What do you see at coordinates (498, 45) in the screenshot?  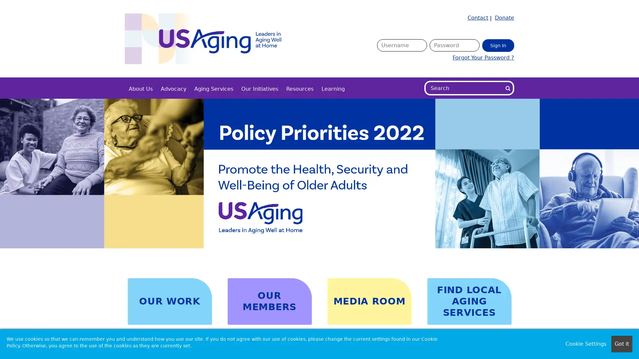 I see `Sign In` at bounding box center [498, 45].